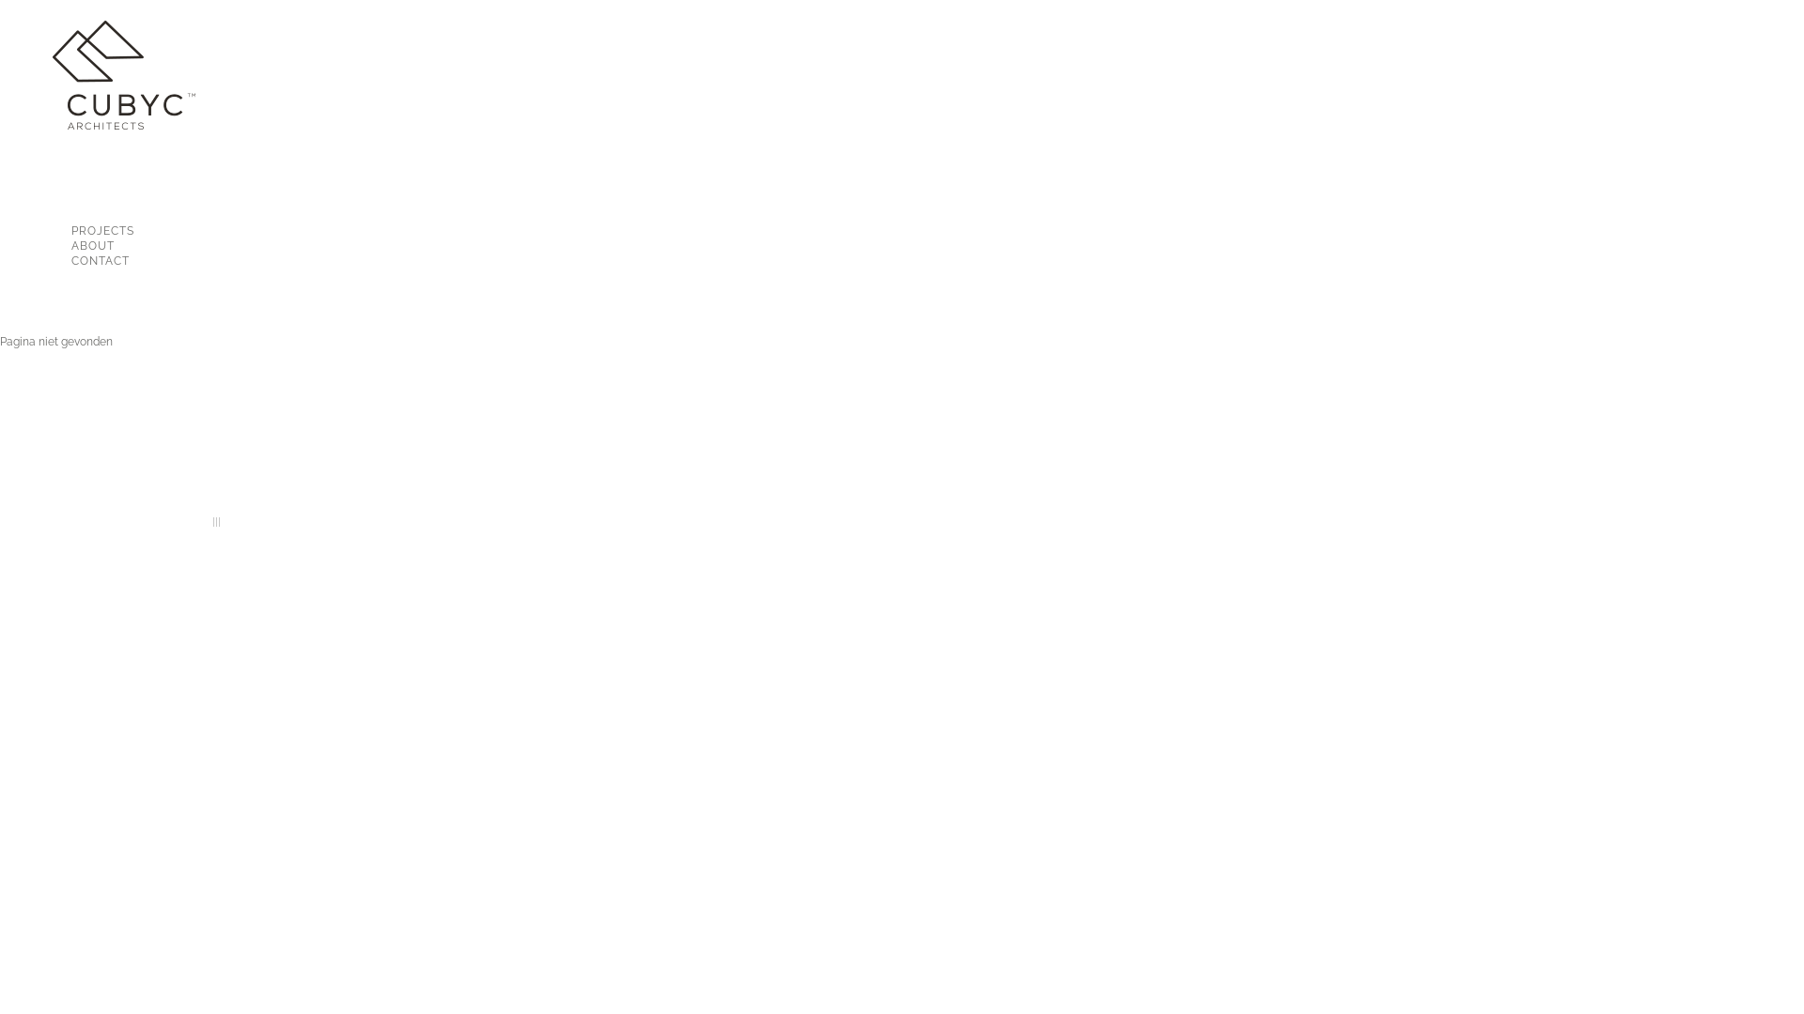 The width and height of the screenshot is (1804, 1014). Describe the element at coordinates (119, 260) in the screenshot. I see `'CONTACT'` at that location.